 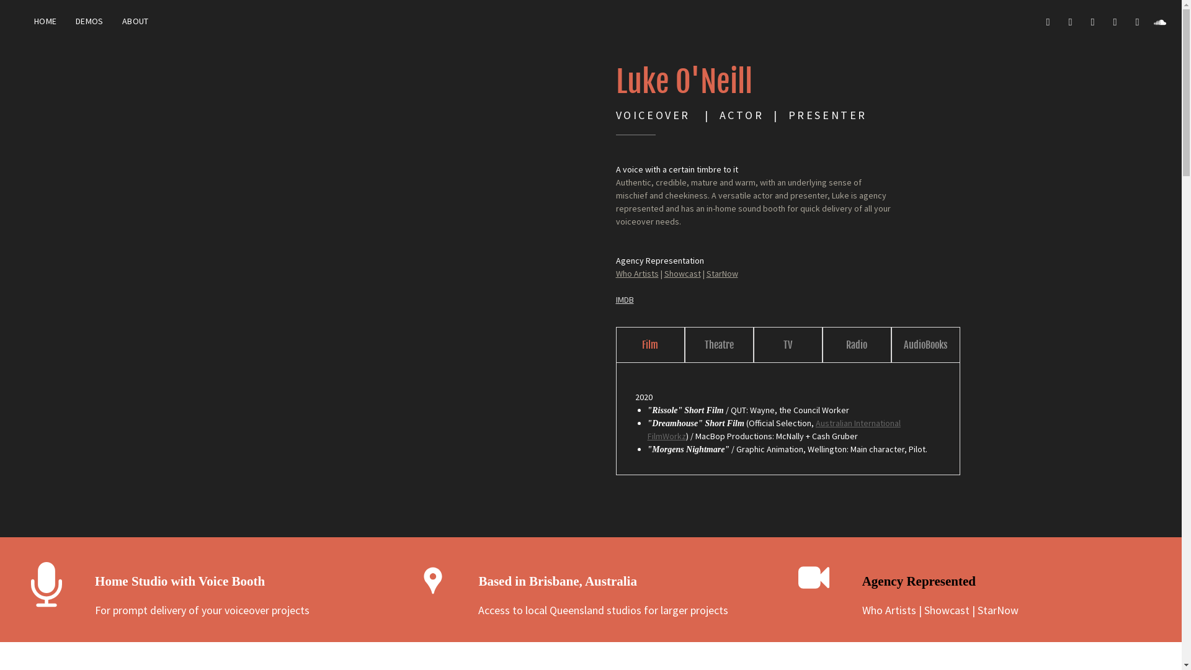 What do you see at coordinates (65, 21) in the screenshot?
I see `'DEMOS'` at bounding box center [65, 21].